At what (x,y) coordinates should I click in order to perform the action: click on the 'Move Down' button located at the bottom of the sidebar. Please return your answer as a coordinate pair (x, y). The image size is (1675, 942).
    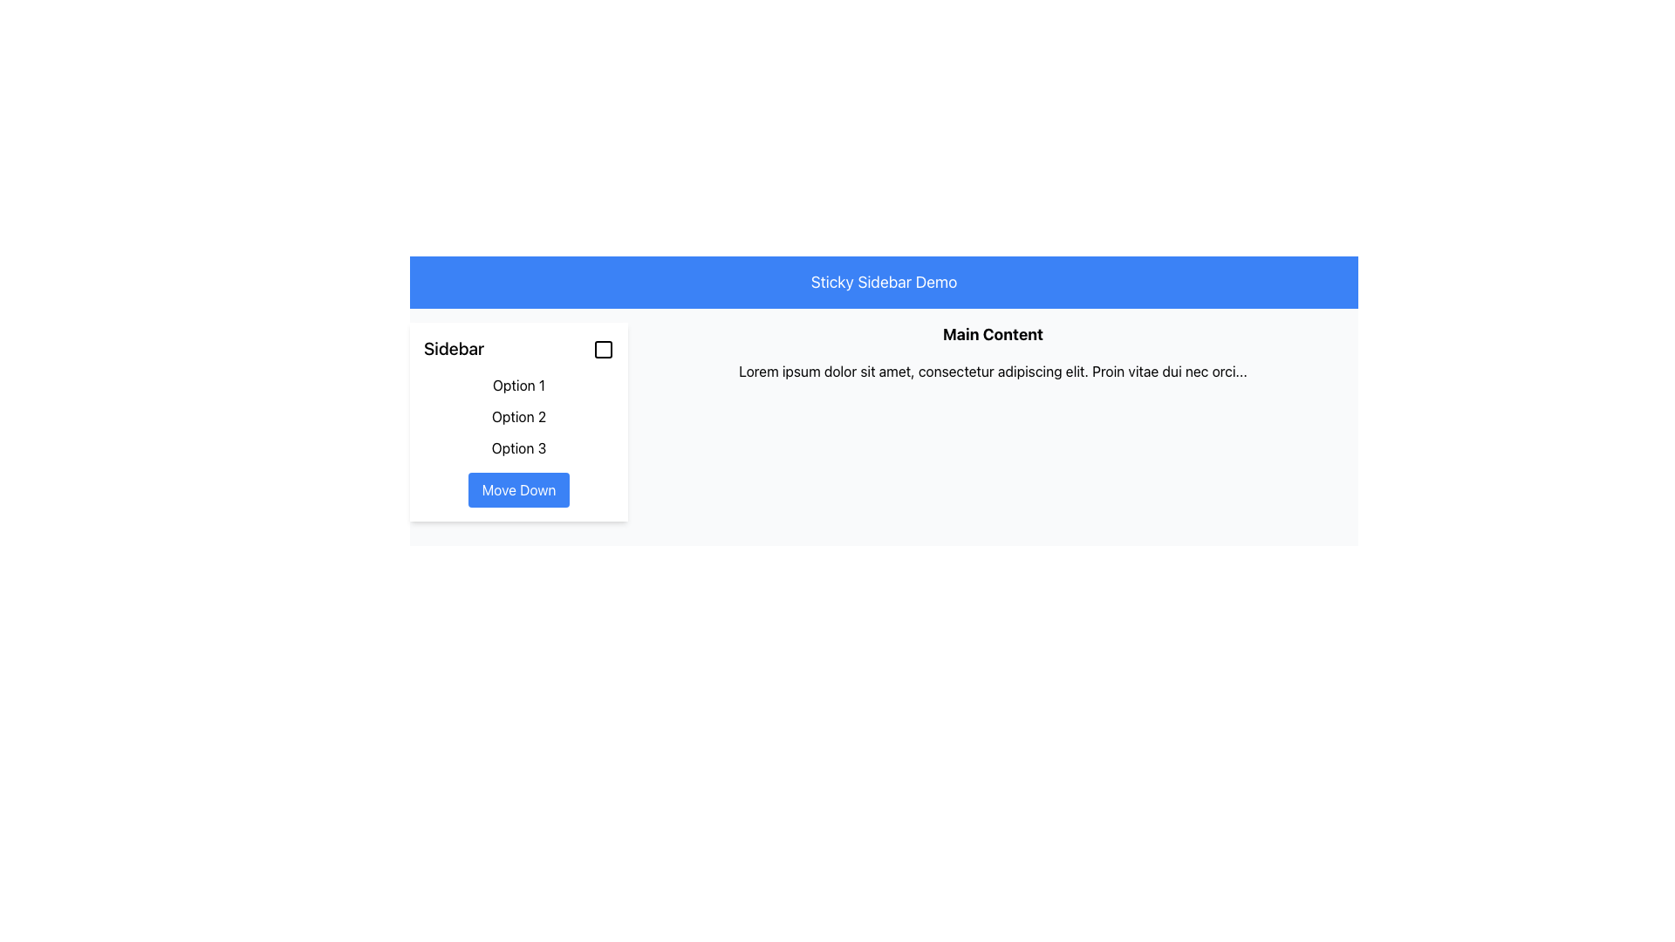
    Looking at the image, I should click on (518, 490).